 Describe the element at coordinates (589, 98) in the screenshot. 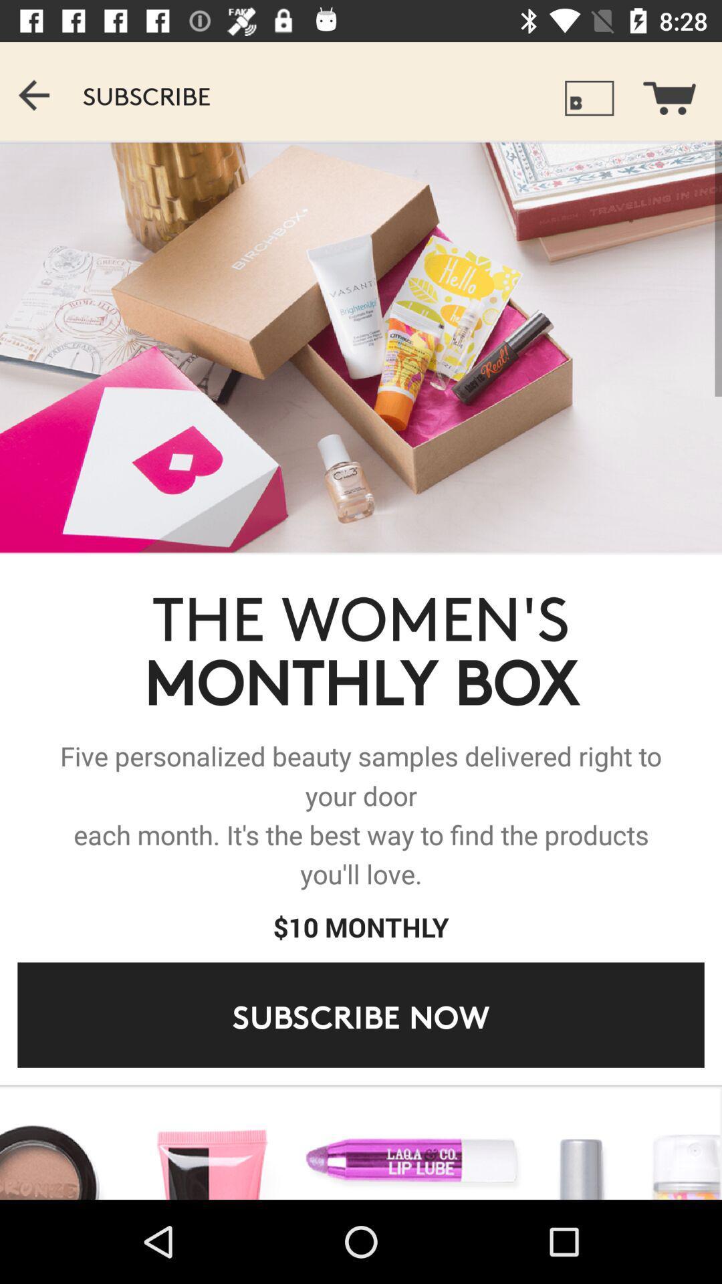

I see `icon which is left side of the cart symbol` at that location.